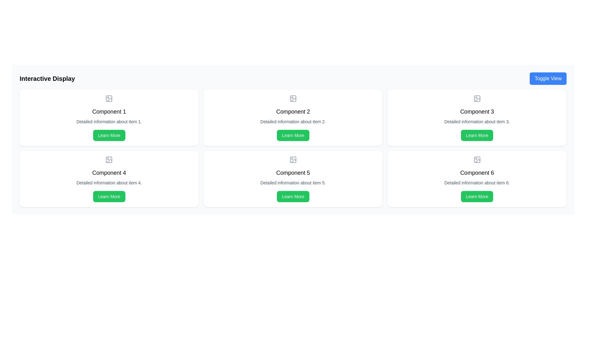  Describe the element at coordinates (292, 98) in the screenshot. I see `top-left corner square of the icon within the card labeled 'Component 2' located in the top row, second column of the grid` at that location.